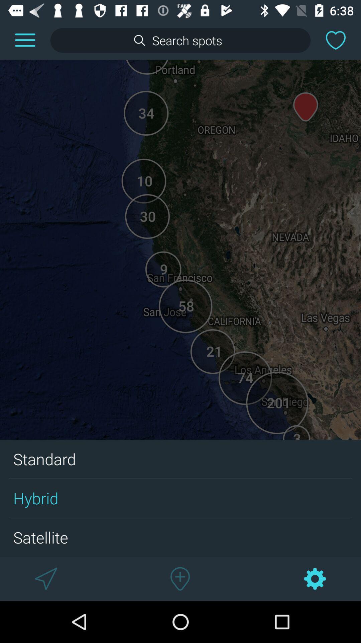 The image size is (361, 643). What do you see at coordinates (45, 578) in the screenshot?
I see `the navigation icon` at bounding box center [45, 578].